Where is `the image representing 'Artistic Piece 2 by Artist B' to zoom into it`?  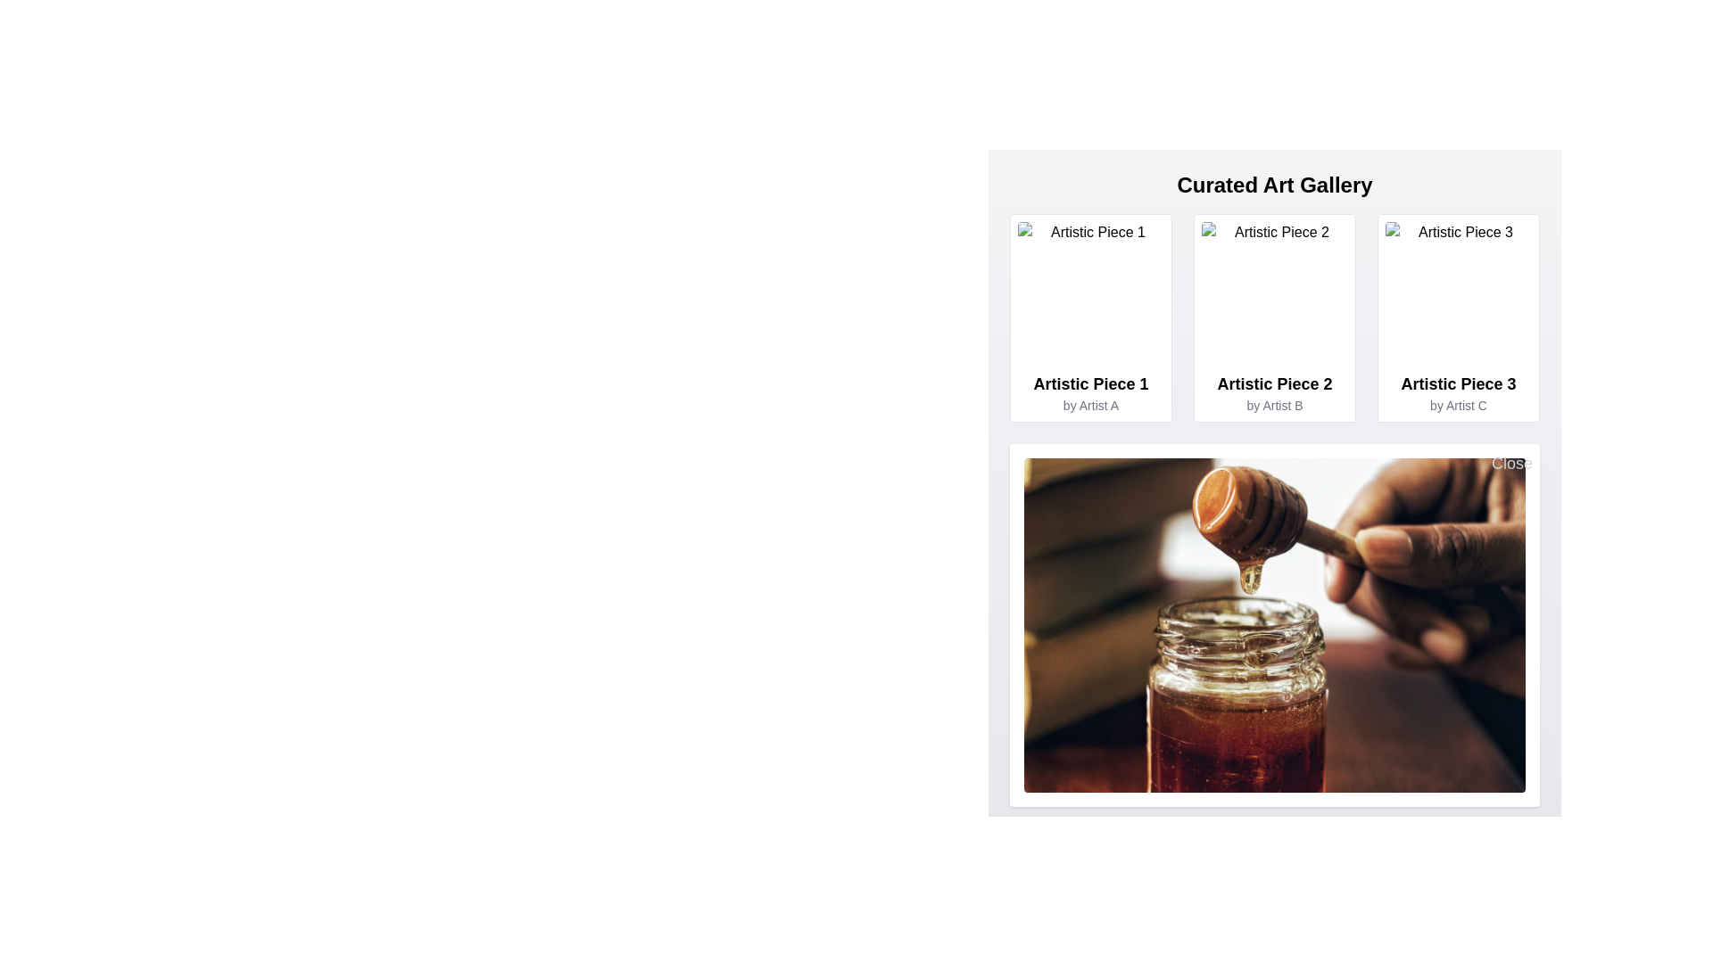 the image representing 'Artistic Piece 2 by Artist B' to zoom into it is located at coordinates (1274, 292).